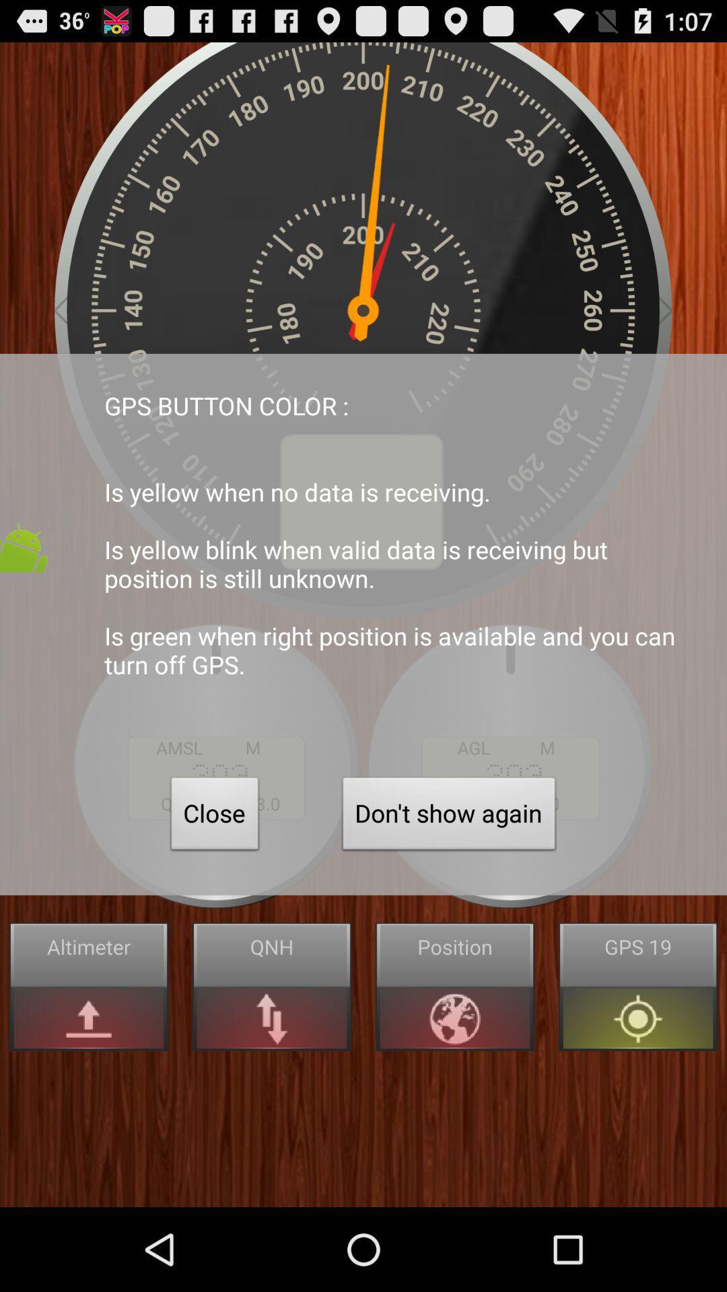 This screenshot has width=727, height=1292. I want to click on the don t show button, so click(449, 816).